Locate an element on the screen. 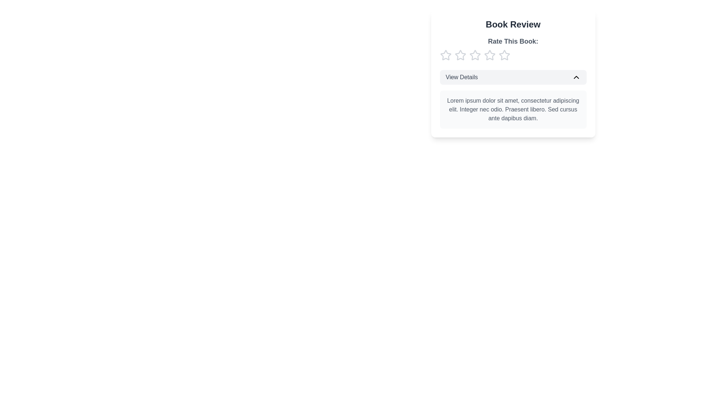 This screenshot has width=704, height=396. the third star in the interactive star rating icon is located at coordinates (475, 55).